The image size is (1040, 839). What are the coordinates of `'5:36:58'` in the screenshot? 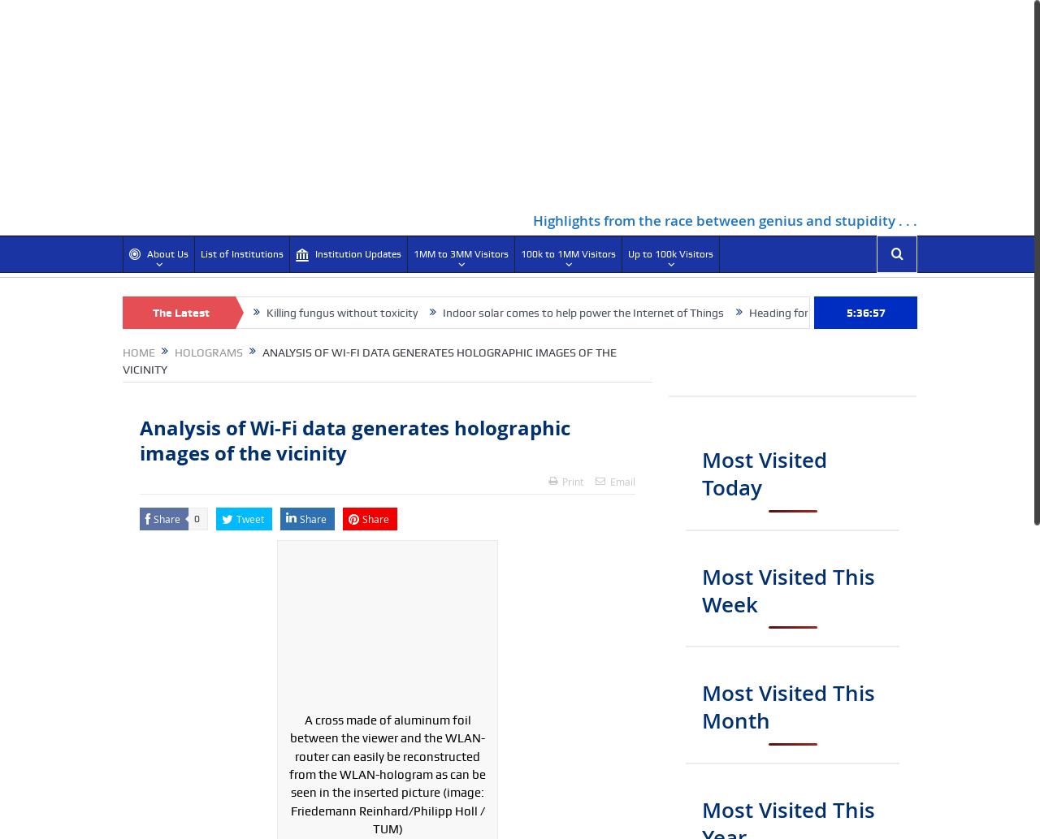 It's located at (864, 312).